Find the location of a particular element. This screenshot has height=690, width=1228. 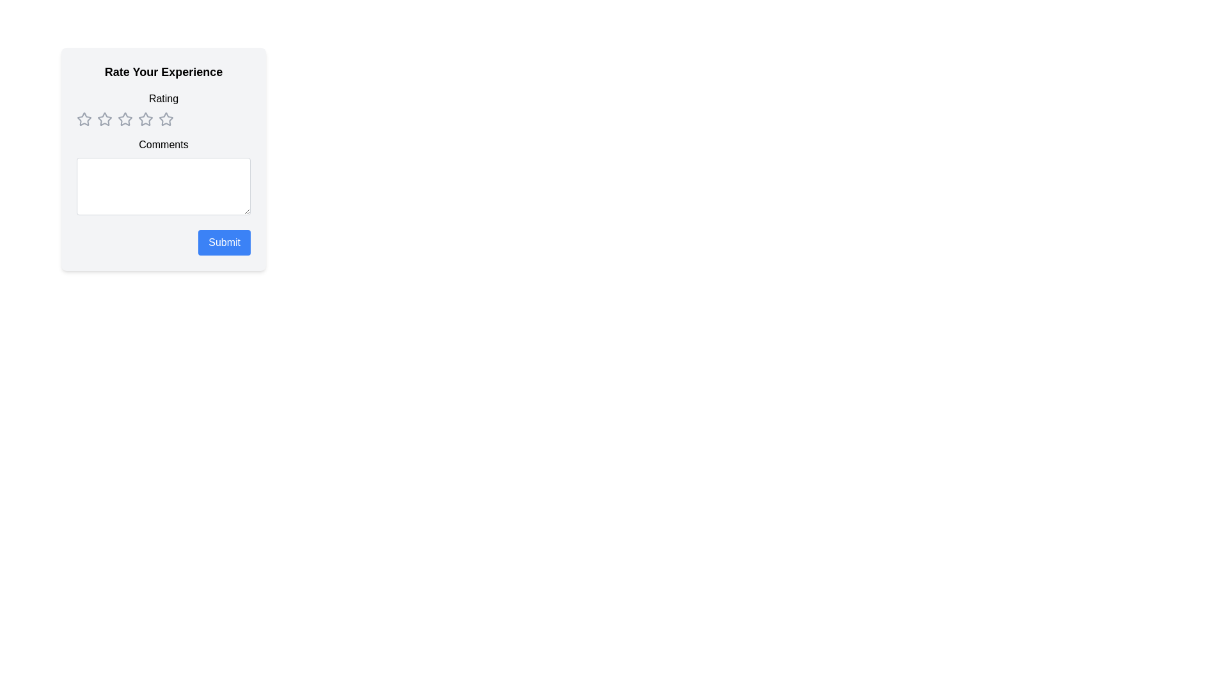

the first star icon in the rating section of the feedback form is located at coordinates (84, 119).